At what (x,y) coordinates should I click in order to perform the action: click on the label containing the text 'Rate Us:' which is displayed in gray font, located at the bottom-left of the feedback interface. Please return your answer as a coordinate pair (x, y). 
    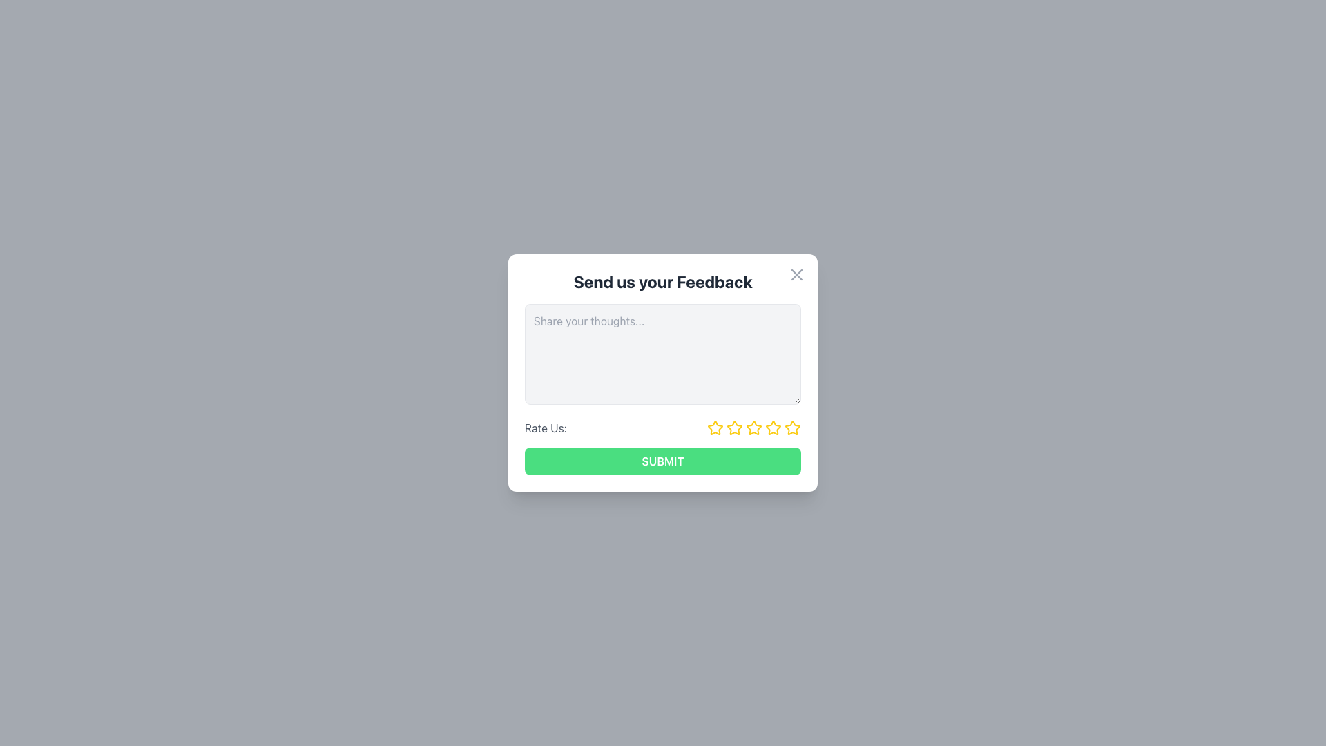
    Looking at the image, I should click on (545, 428).